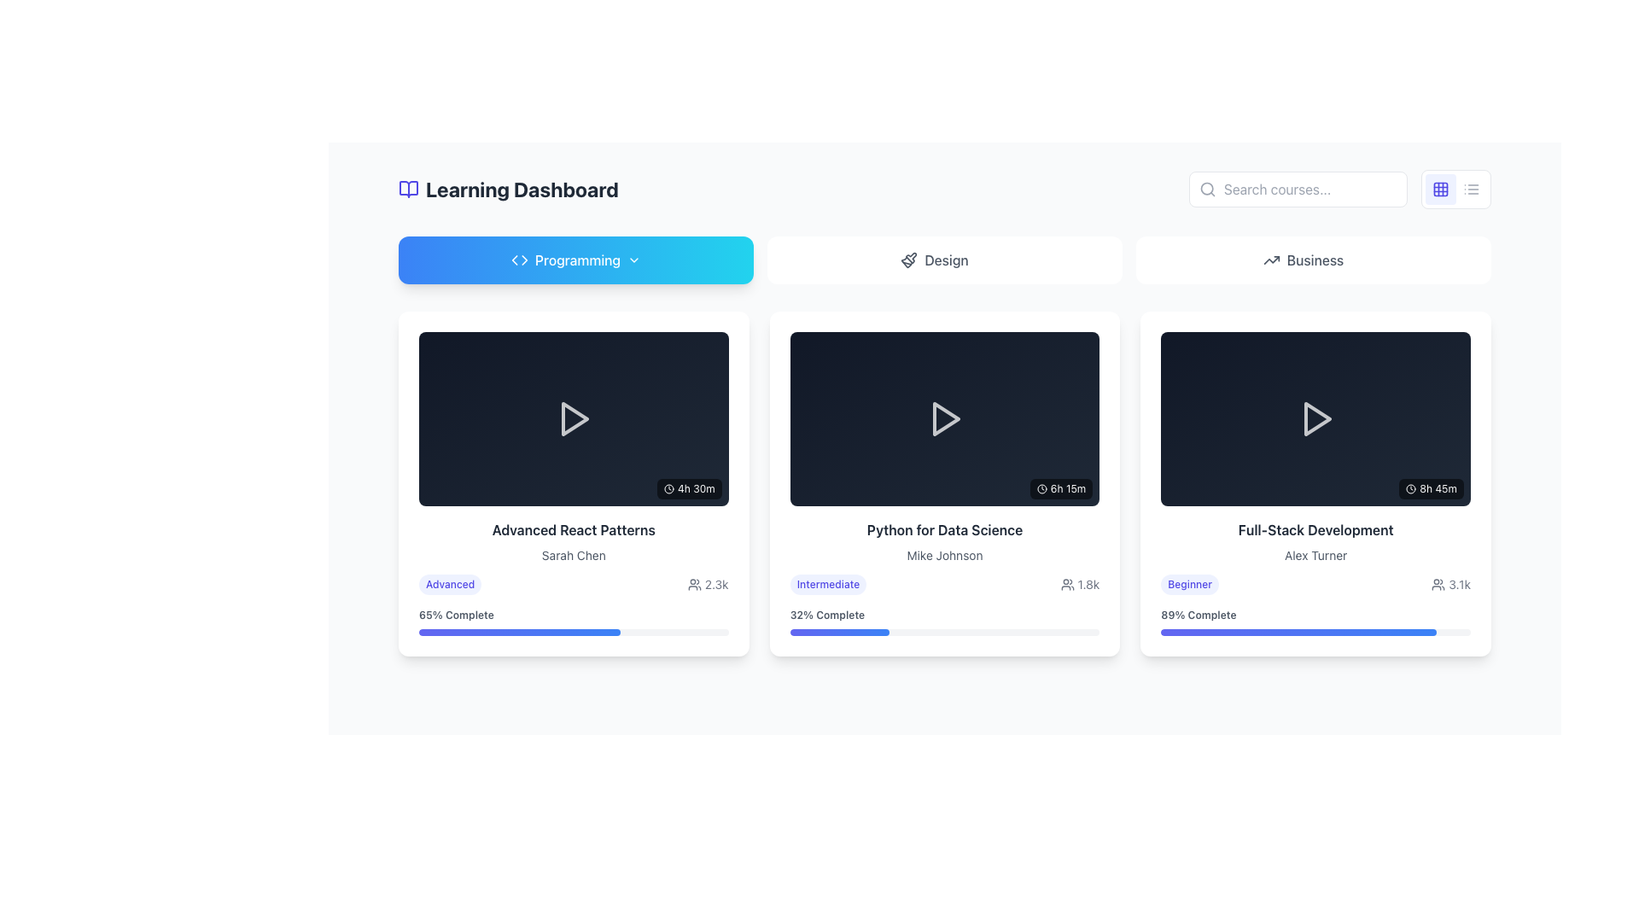 Image resolution: width=1639 pixels, height=922 pixels. I want to click on the progress bar indicating 65% completion for the 'Advanced React Patterns' task located in the bottom section of the card, so click(518, 632).